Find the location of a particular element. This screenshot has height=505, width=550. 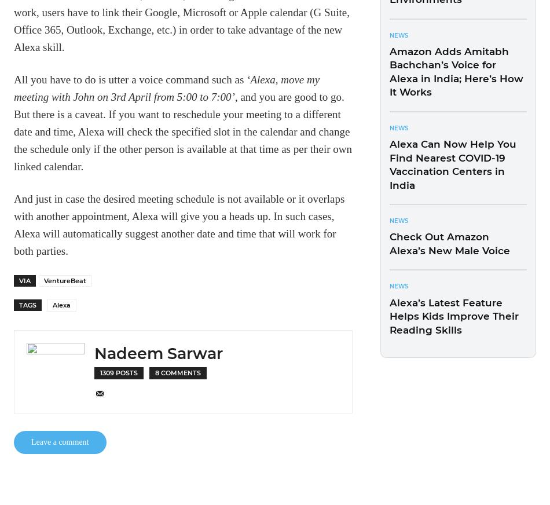

'1309 Posts' is located at coordinates (119, 372).